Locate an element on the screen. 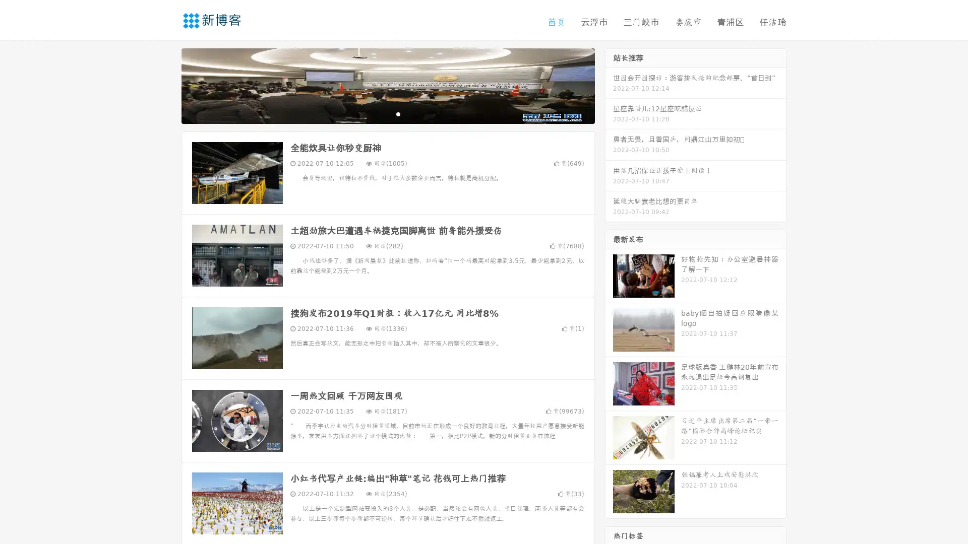 The width and height of the screenshot is (968, 544). Go to slide 1 is located at coordinates (377, 113).